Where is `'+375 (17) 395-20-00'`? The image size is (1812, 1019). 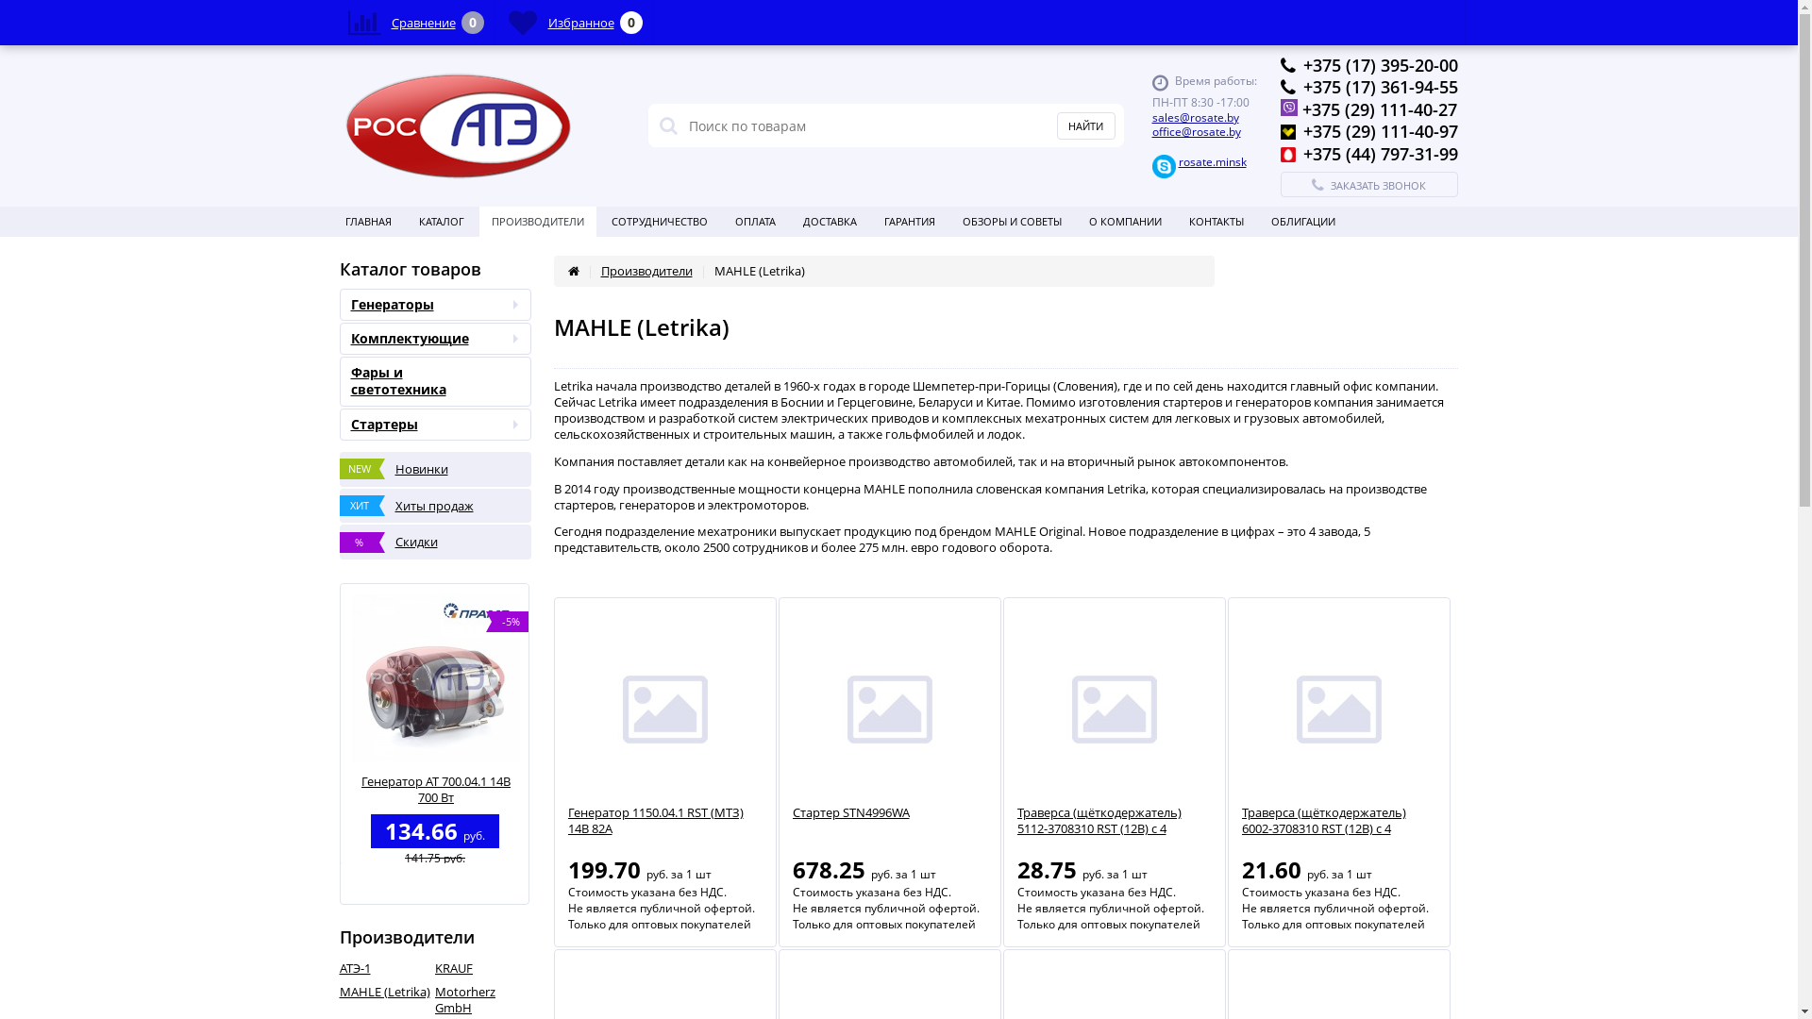 '+375 (17) 395-20-00' is located at coordinates (1380, 64).